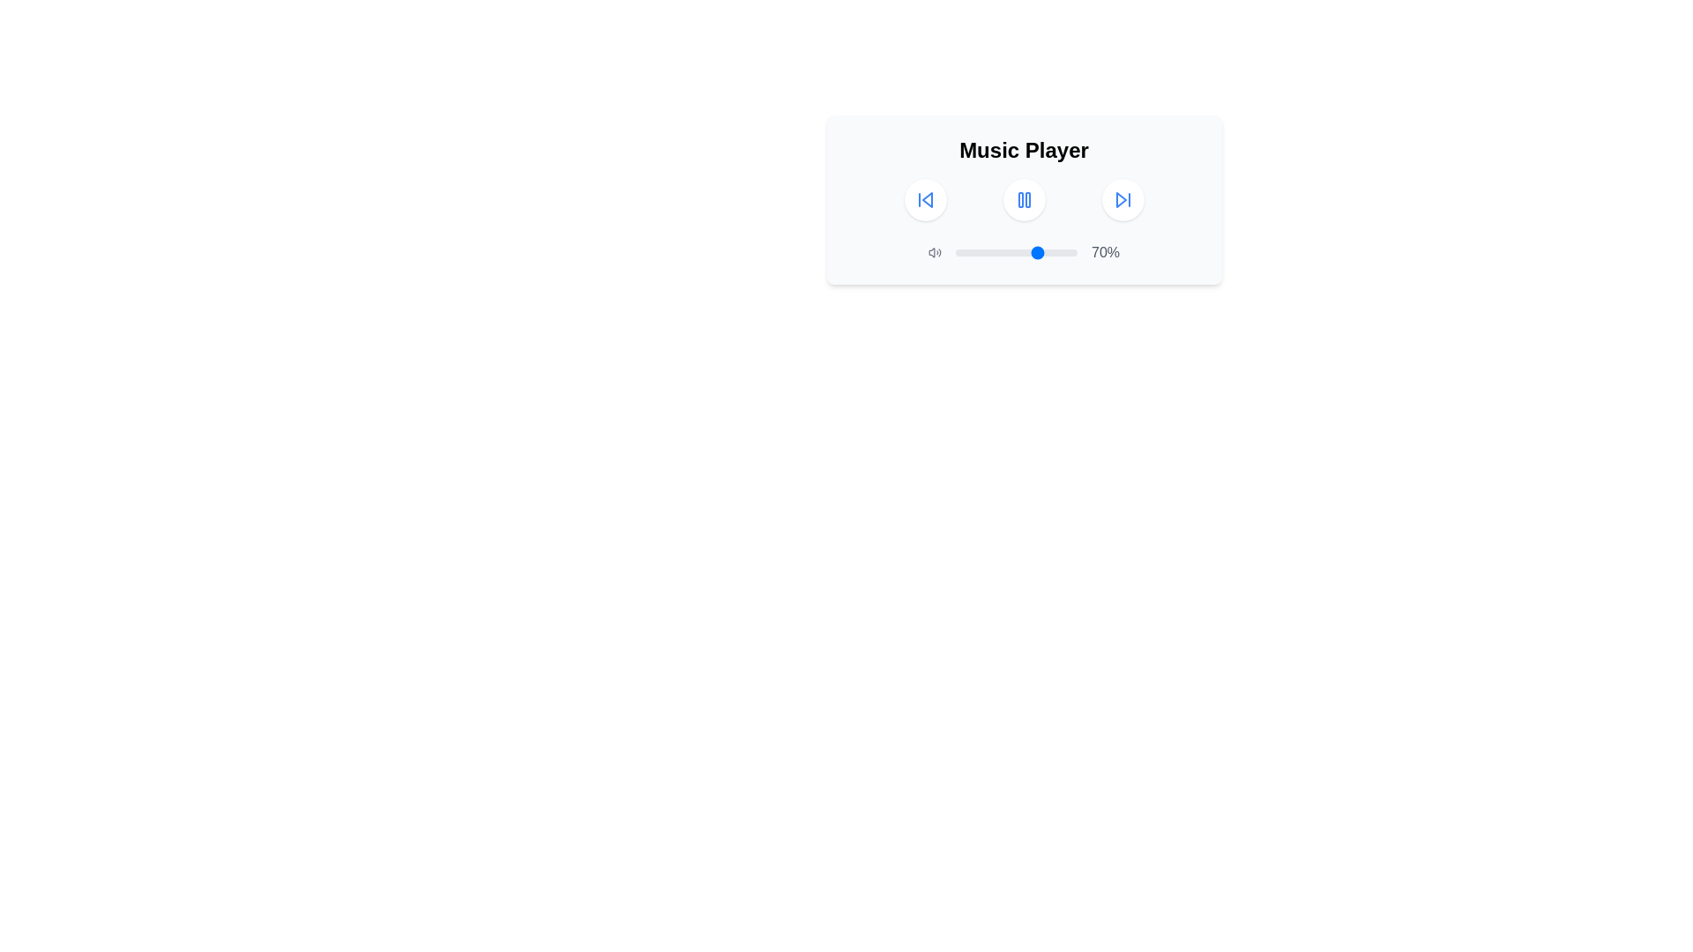  What do you see at coordinates (992, 252) in the screenshot?
I see `the slider` at bounding box center [992, 252].